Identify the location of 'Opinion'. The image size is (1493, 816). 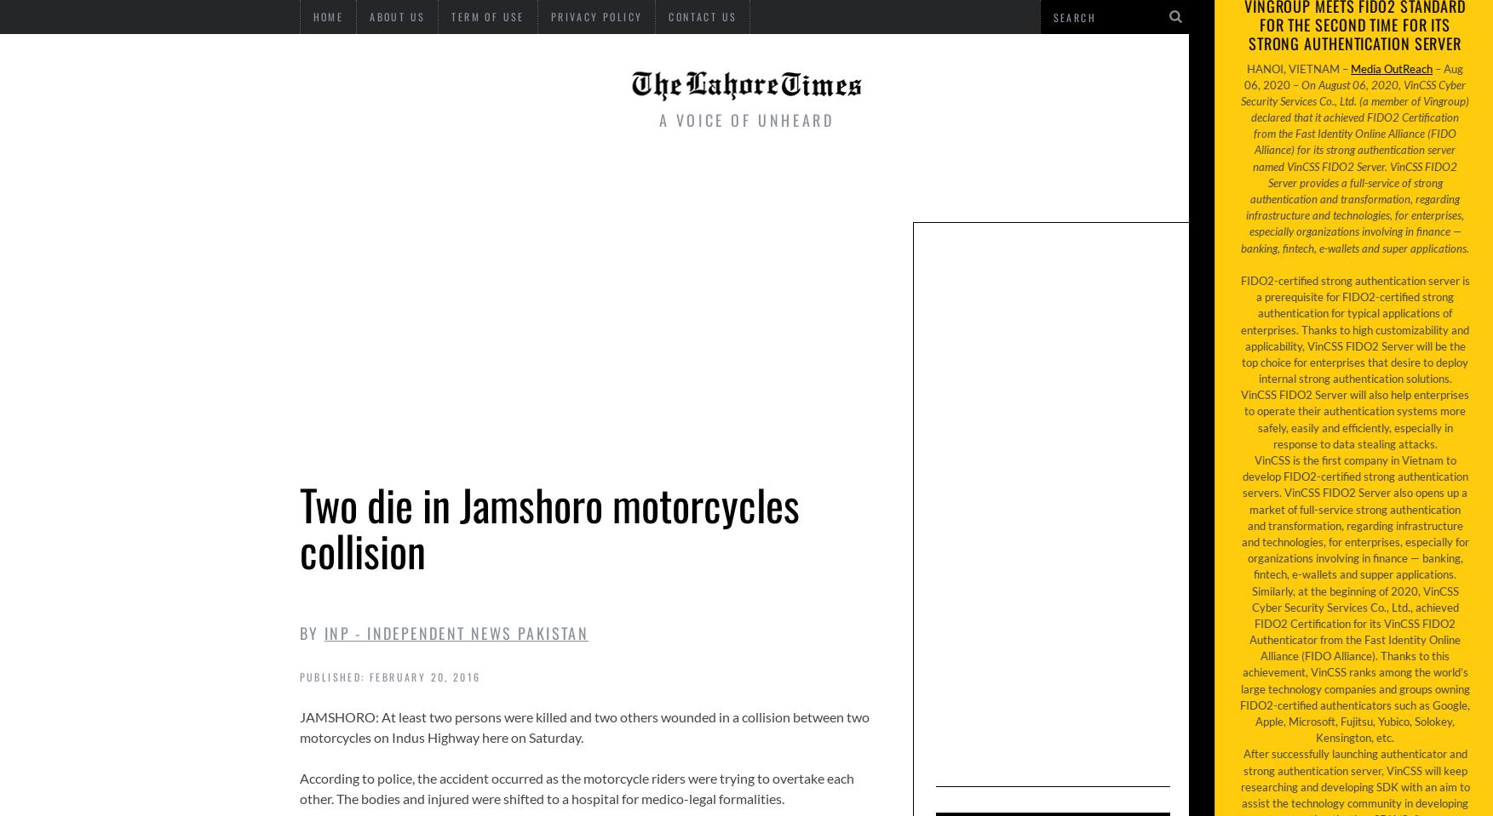
(1056, 180).